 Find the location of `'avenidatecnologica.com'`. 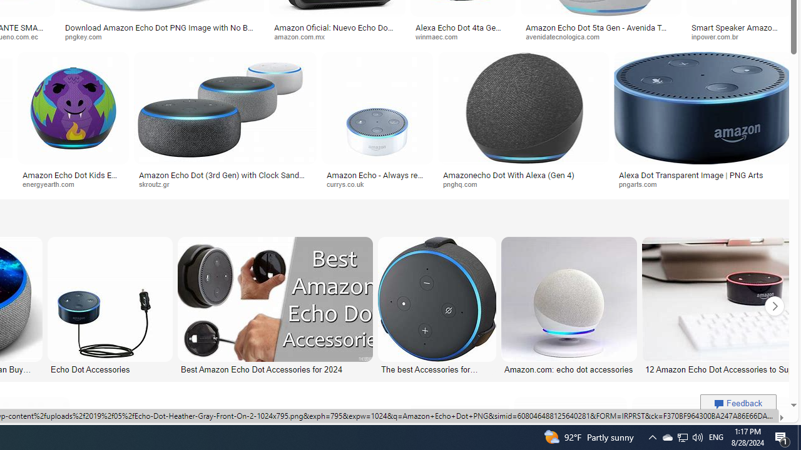

'avenidatecnologica.com' is located at coordinates (566, 36).